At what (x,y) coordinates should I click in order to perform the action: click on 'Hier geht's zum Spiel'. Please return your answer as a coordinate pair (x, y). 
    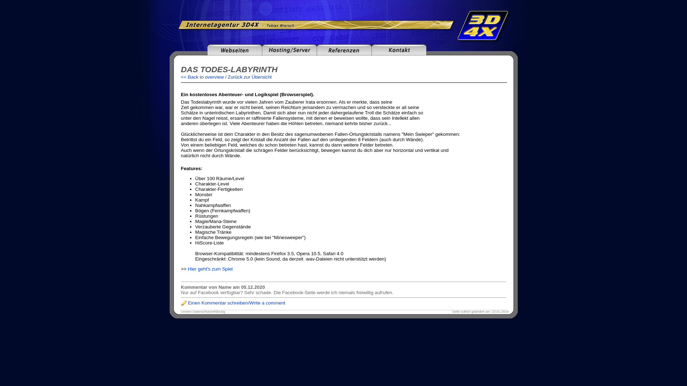
    Looking at the image, I should click on (210, 269).